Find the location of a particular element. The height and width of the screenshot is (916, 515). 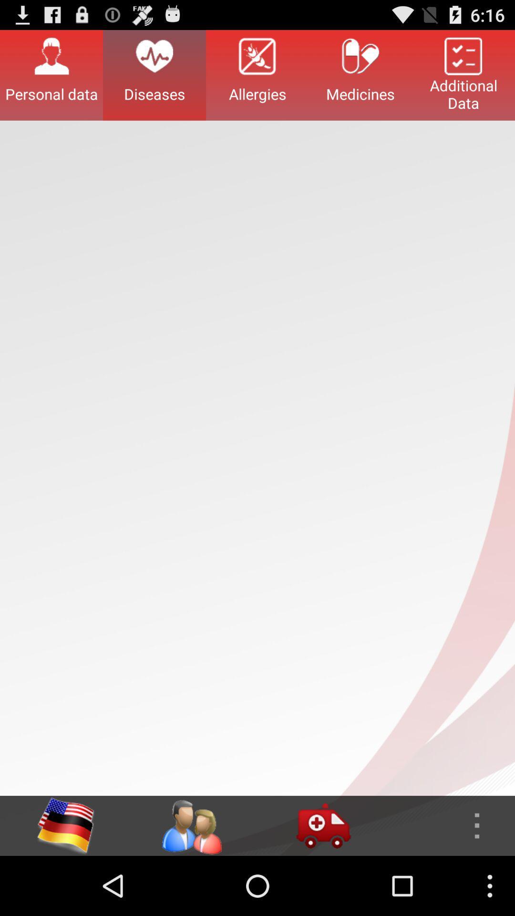

personal data button is located at coordinates (51, 74).